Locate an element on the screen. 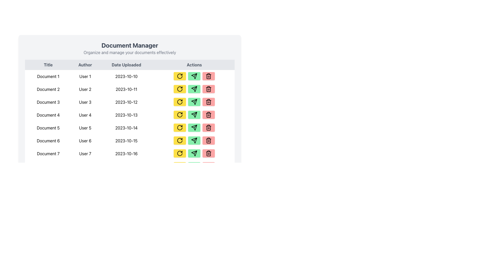 This screenshot has height=278, width=494. the refresh button in the 'Actions' column of the second row of the table is located at coordinates (180, 89).